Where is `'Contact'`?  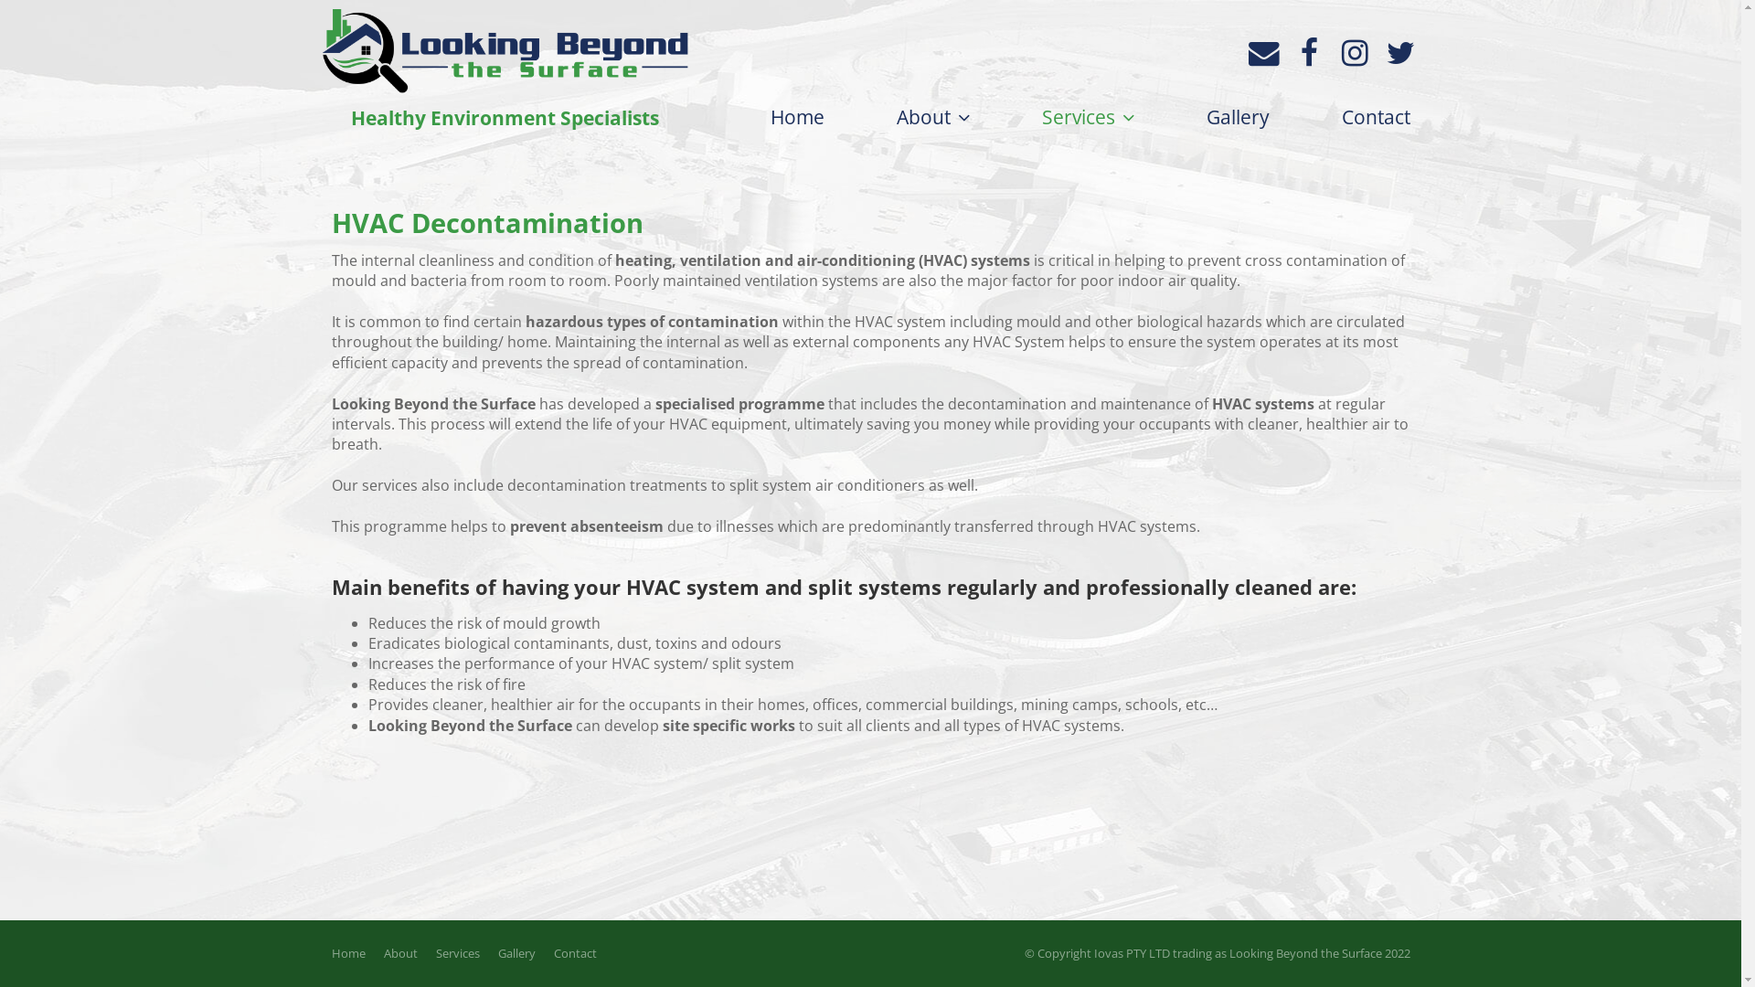
'Contact' is located at coordinates (1333, 116).